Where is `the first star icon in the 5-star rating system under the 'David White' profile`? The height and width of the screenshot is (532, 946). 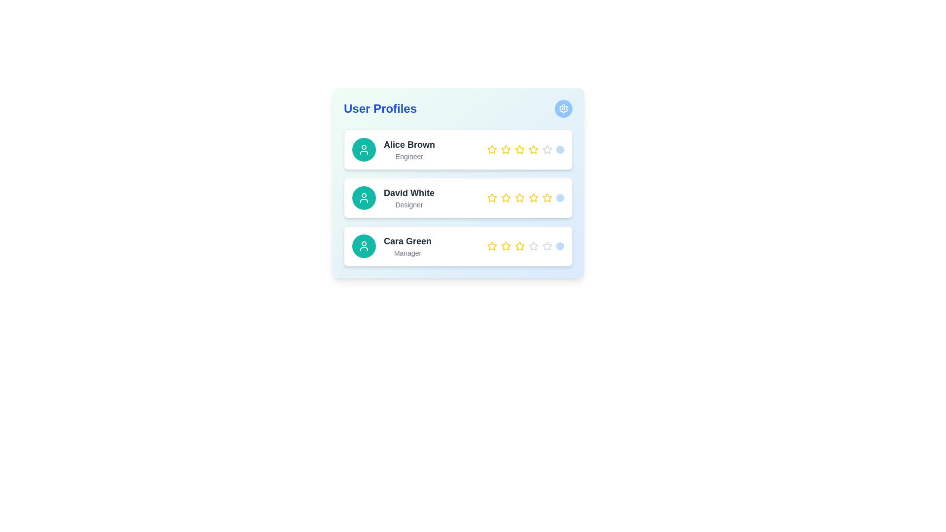 the first star icon in the 5-star rating system under the 'David White' profile is located at coordinates (492, 198).